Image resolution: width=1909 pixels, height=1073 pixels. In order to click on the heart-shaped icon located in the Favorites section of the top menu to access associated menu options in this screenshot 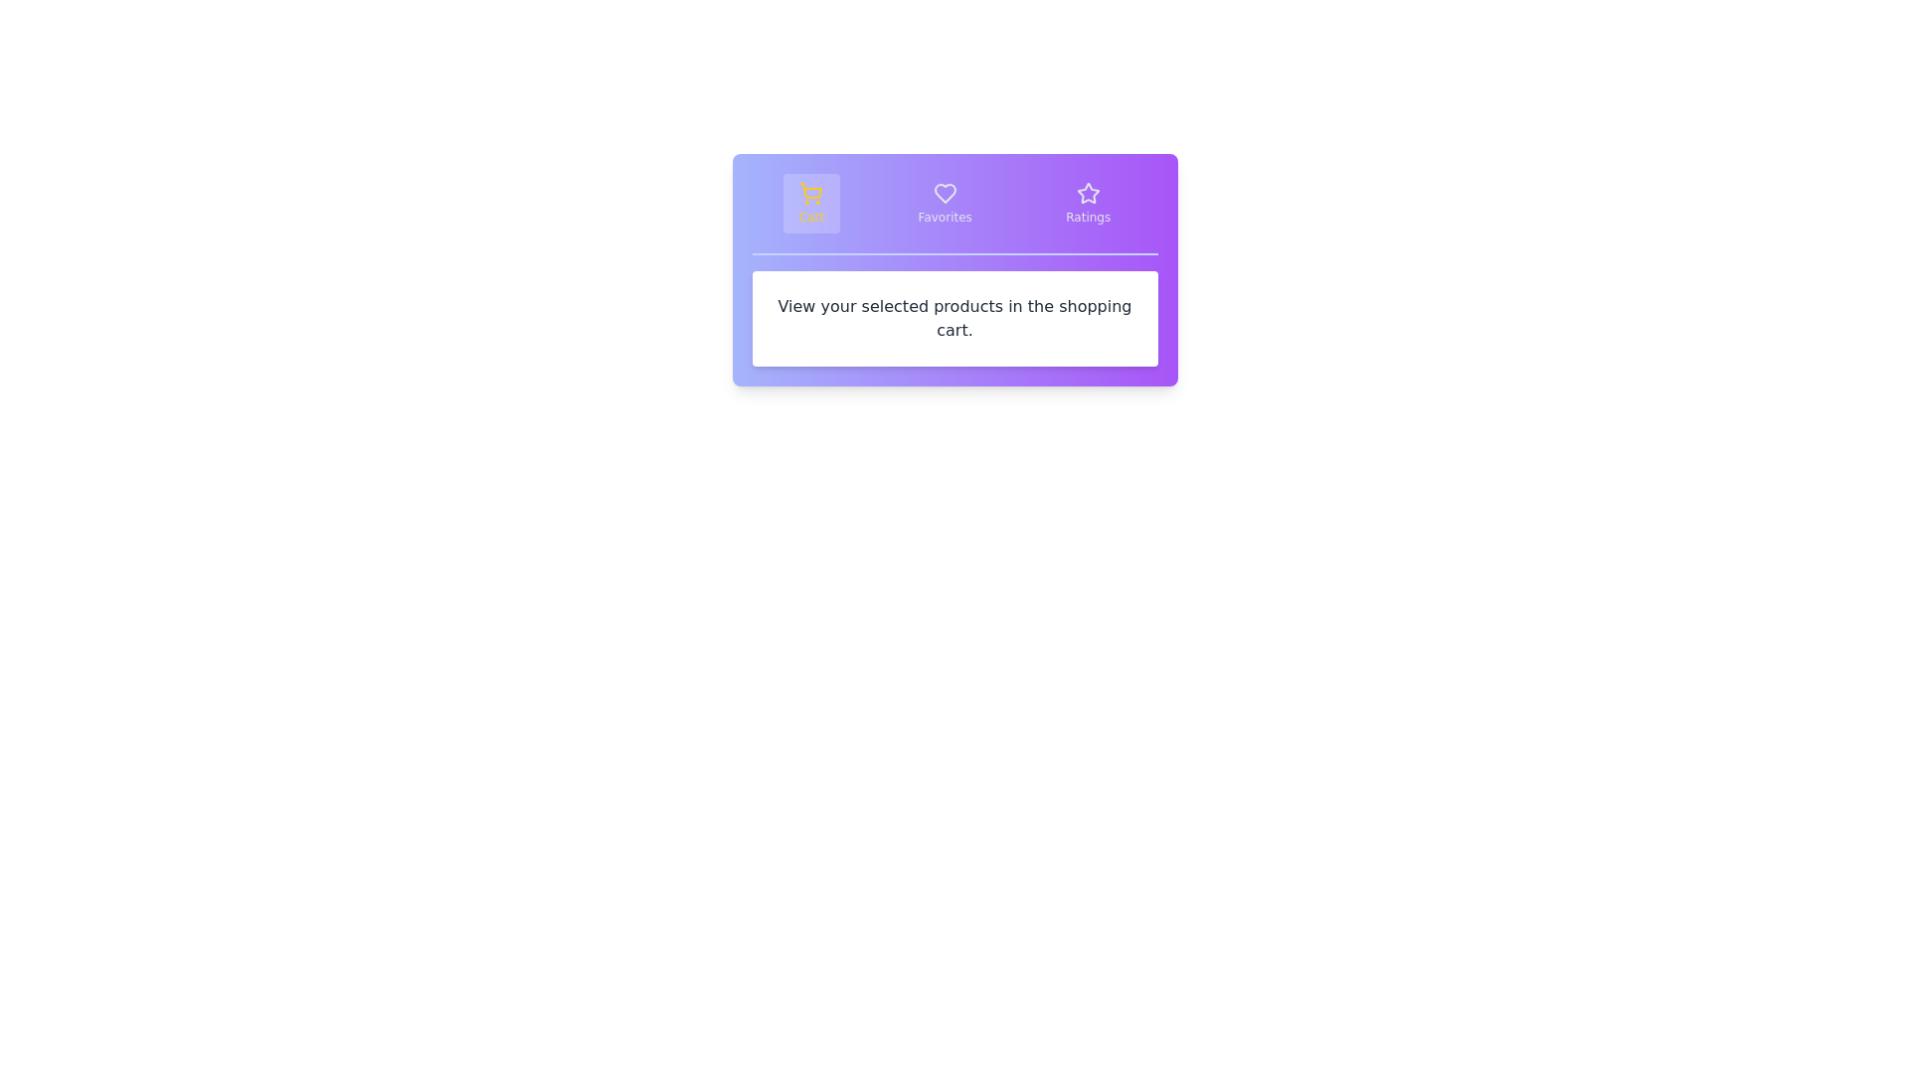, I will do `click(944, 194)`.